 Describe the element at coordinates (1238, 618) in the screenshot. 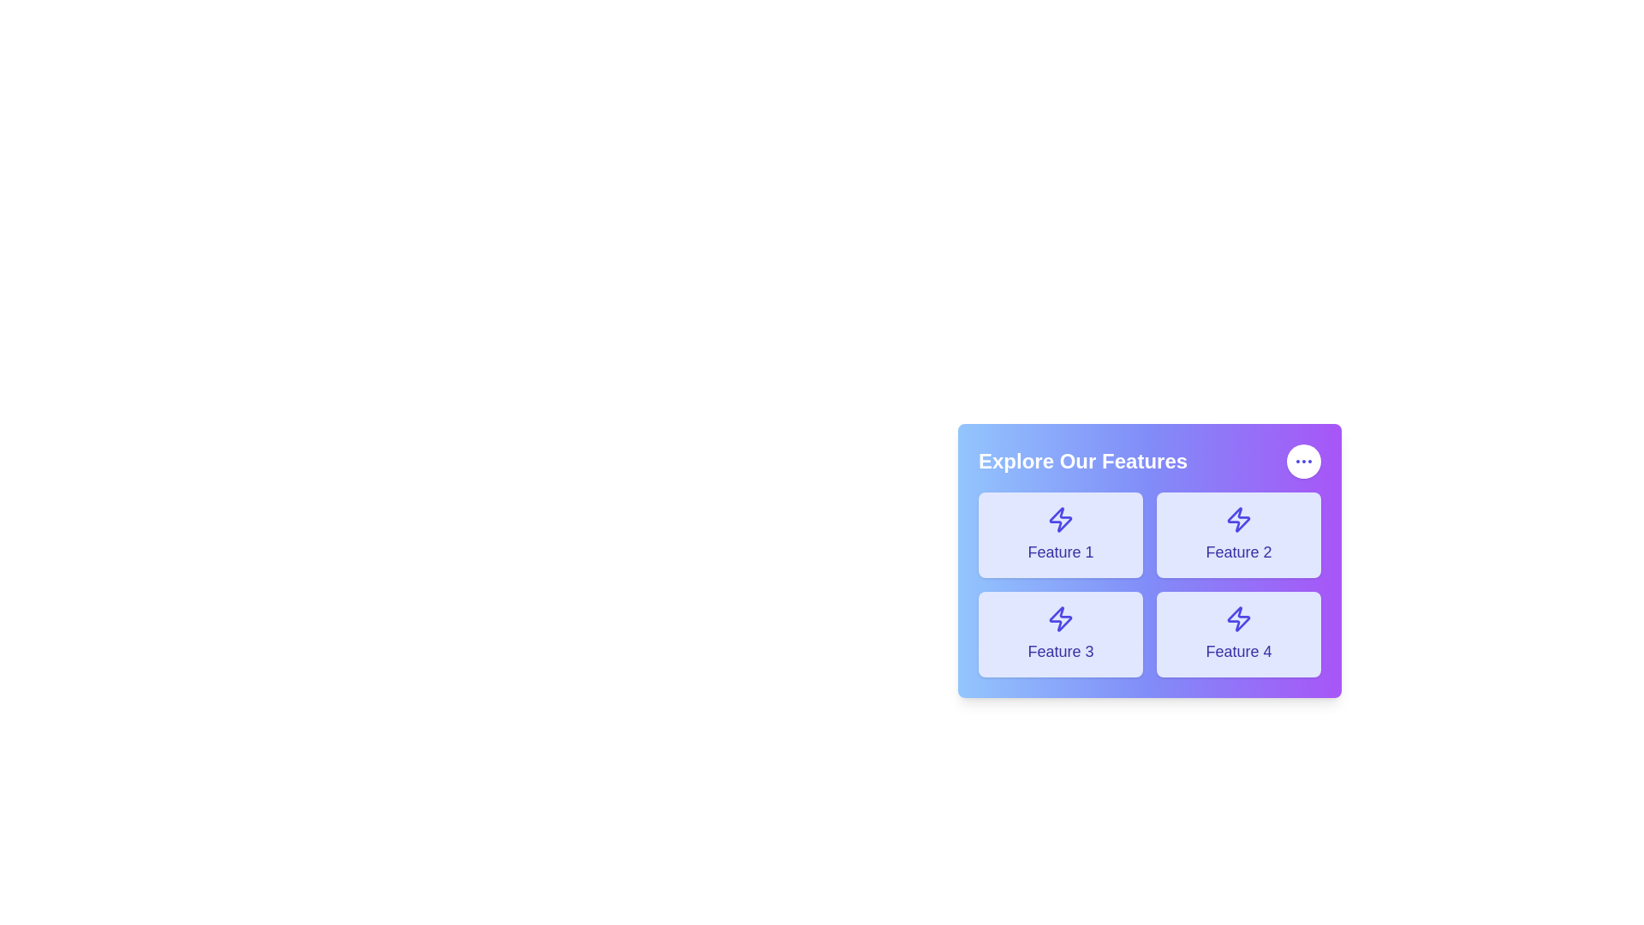

I see `the icon located in the bottom-right corner feature box under the 'Explore Our Features' section, which serves as an indicator for energy, speed, or functionality` at that location.